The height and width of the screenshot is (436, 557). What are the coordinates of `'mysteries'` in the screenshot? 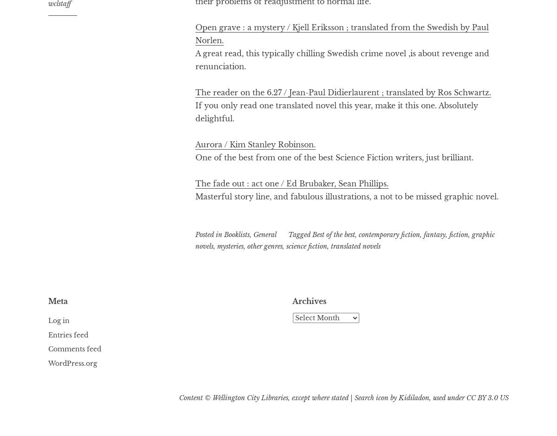 It's located at (230, 245).